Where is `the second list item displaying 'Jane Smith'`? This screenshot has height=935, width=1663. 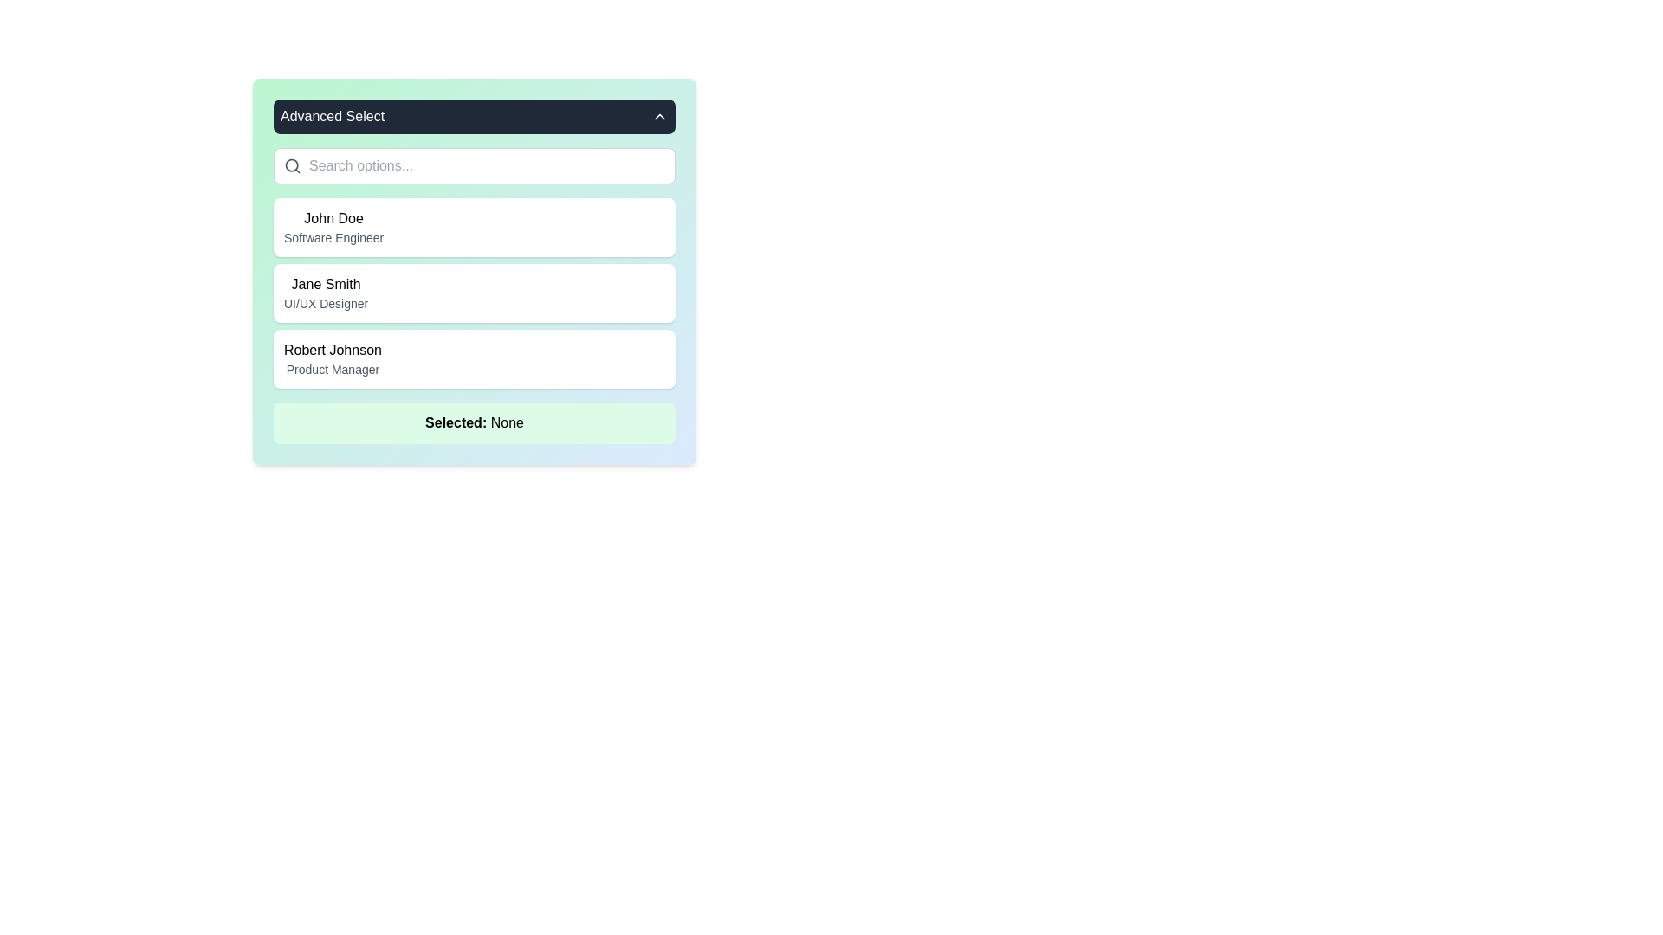 the second list item displaying 'Jane Smith' is located at coordinates (474, 293).